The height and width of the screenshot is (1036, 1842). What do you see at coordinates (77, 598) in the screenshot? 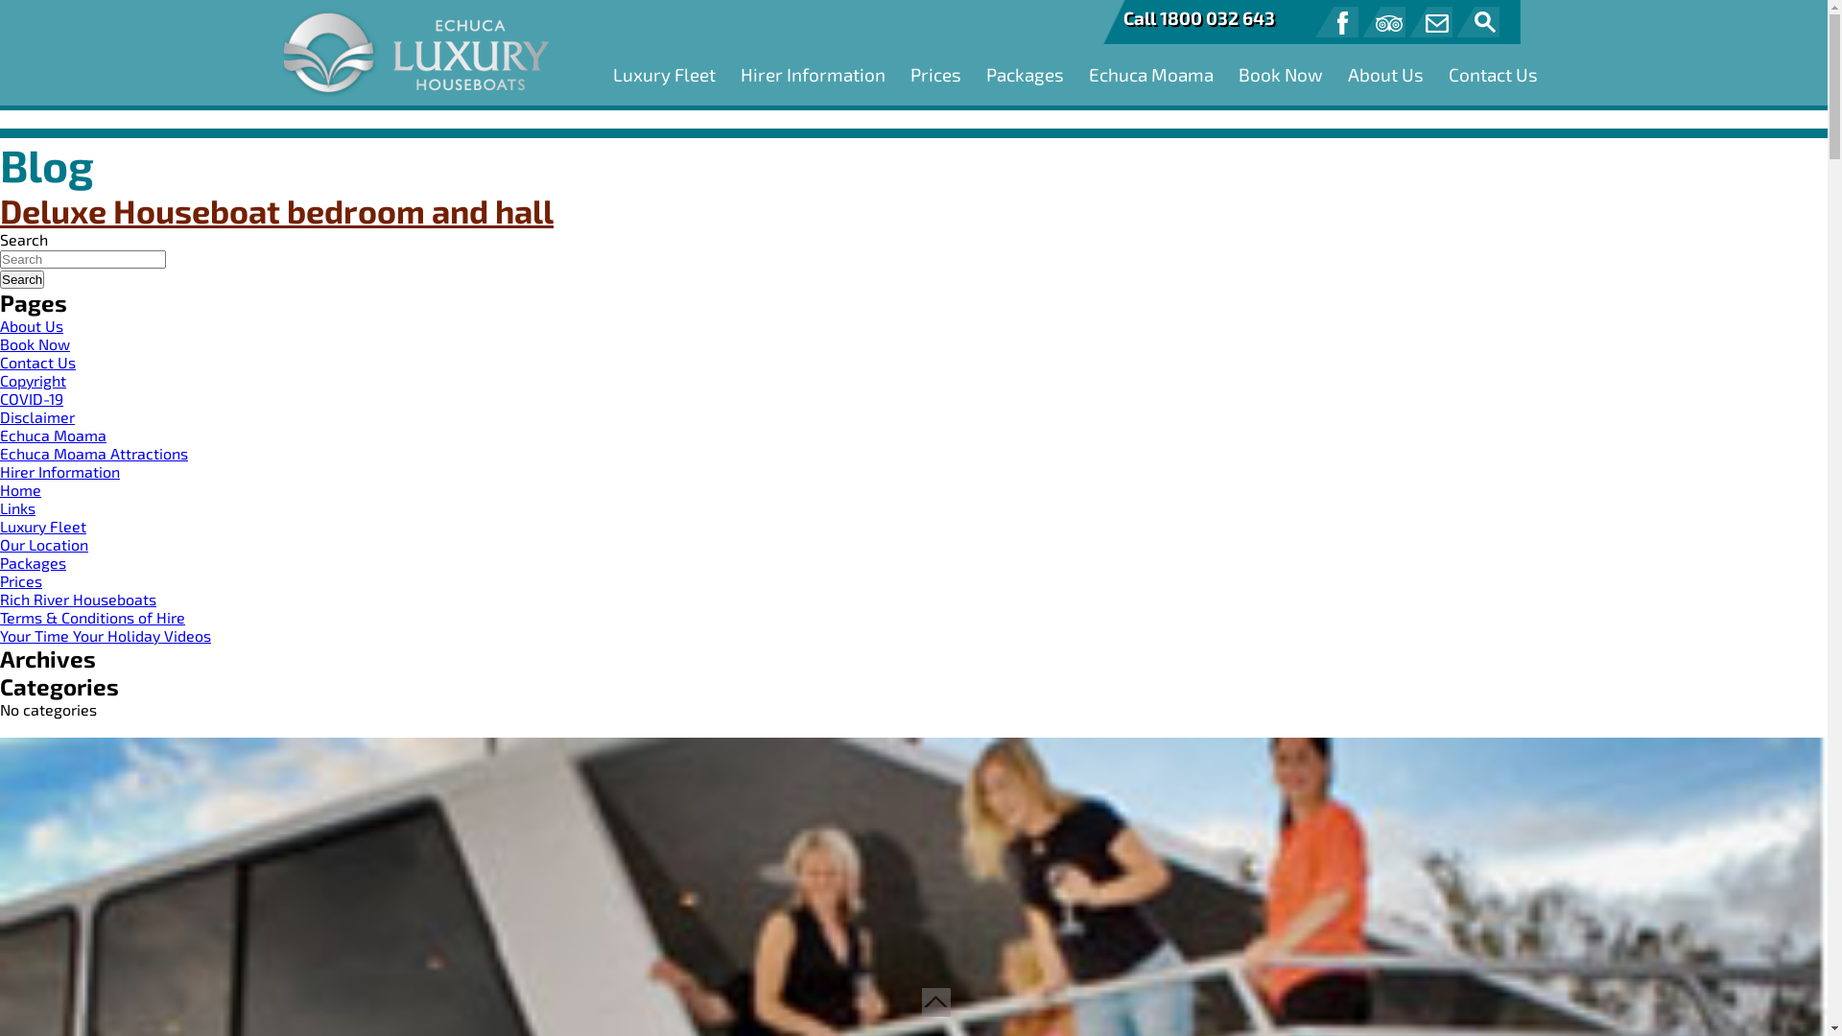
I see `'Rich River Houseboats'` at bounding box center [77, 598].